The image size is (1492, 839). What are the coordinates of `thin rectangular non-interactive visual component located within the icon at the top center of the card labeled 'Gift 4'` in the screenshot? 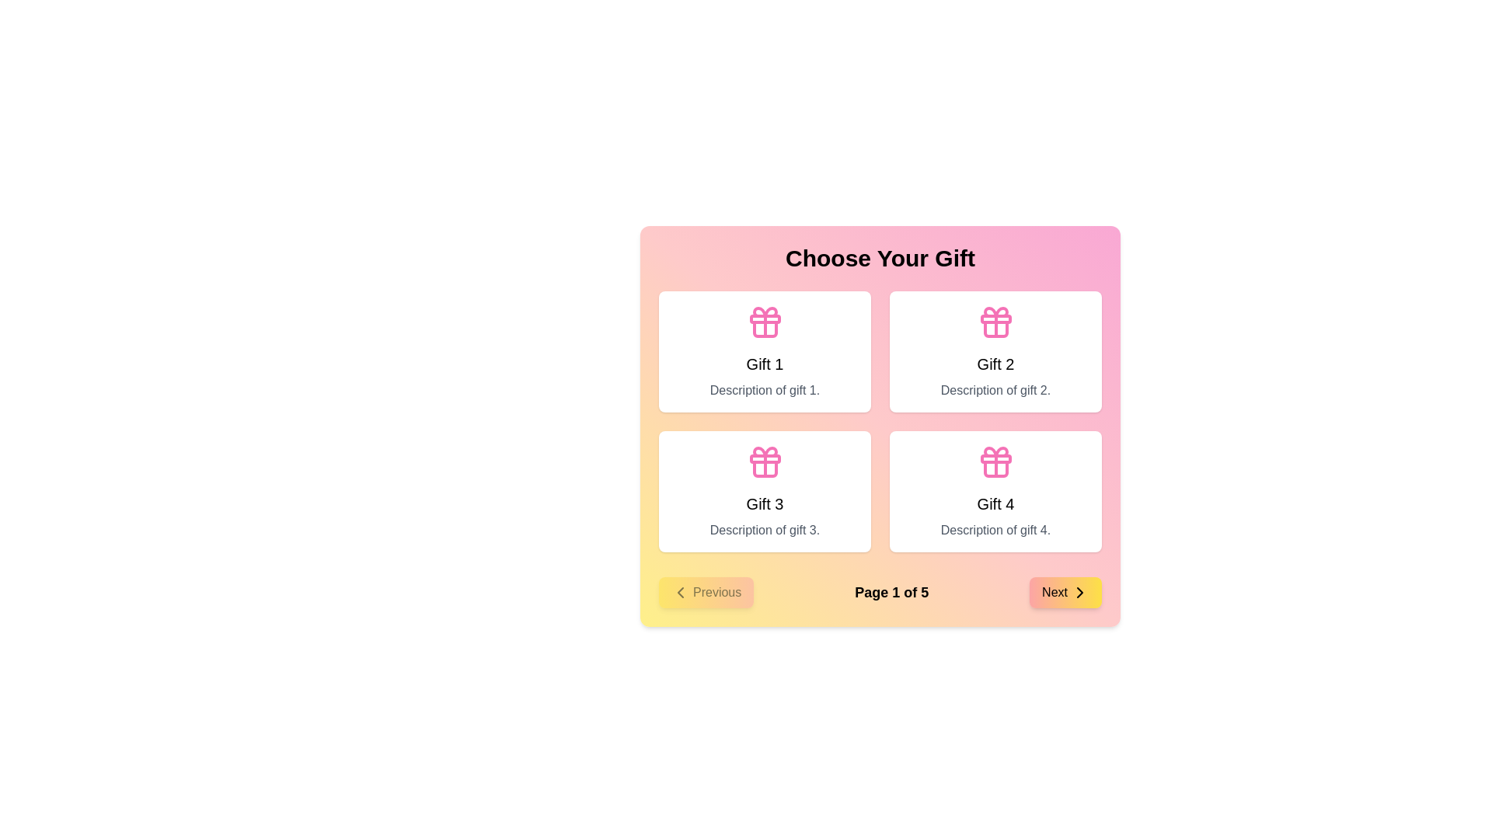 It's located at (765, 319).